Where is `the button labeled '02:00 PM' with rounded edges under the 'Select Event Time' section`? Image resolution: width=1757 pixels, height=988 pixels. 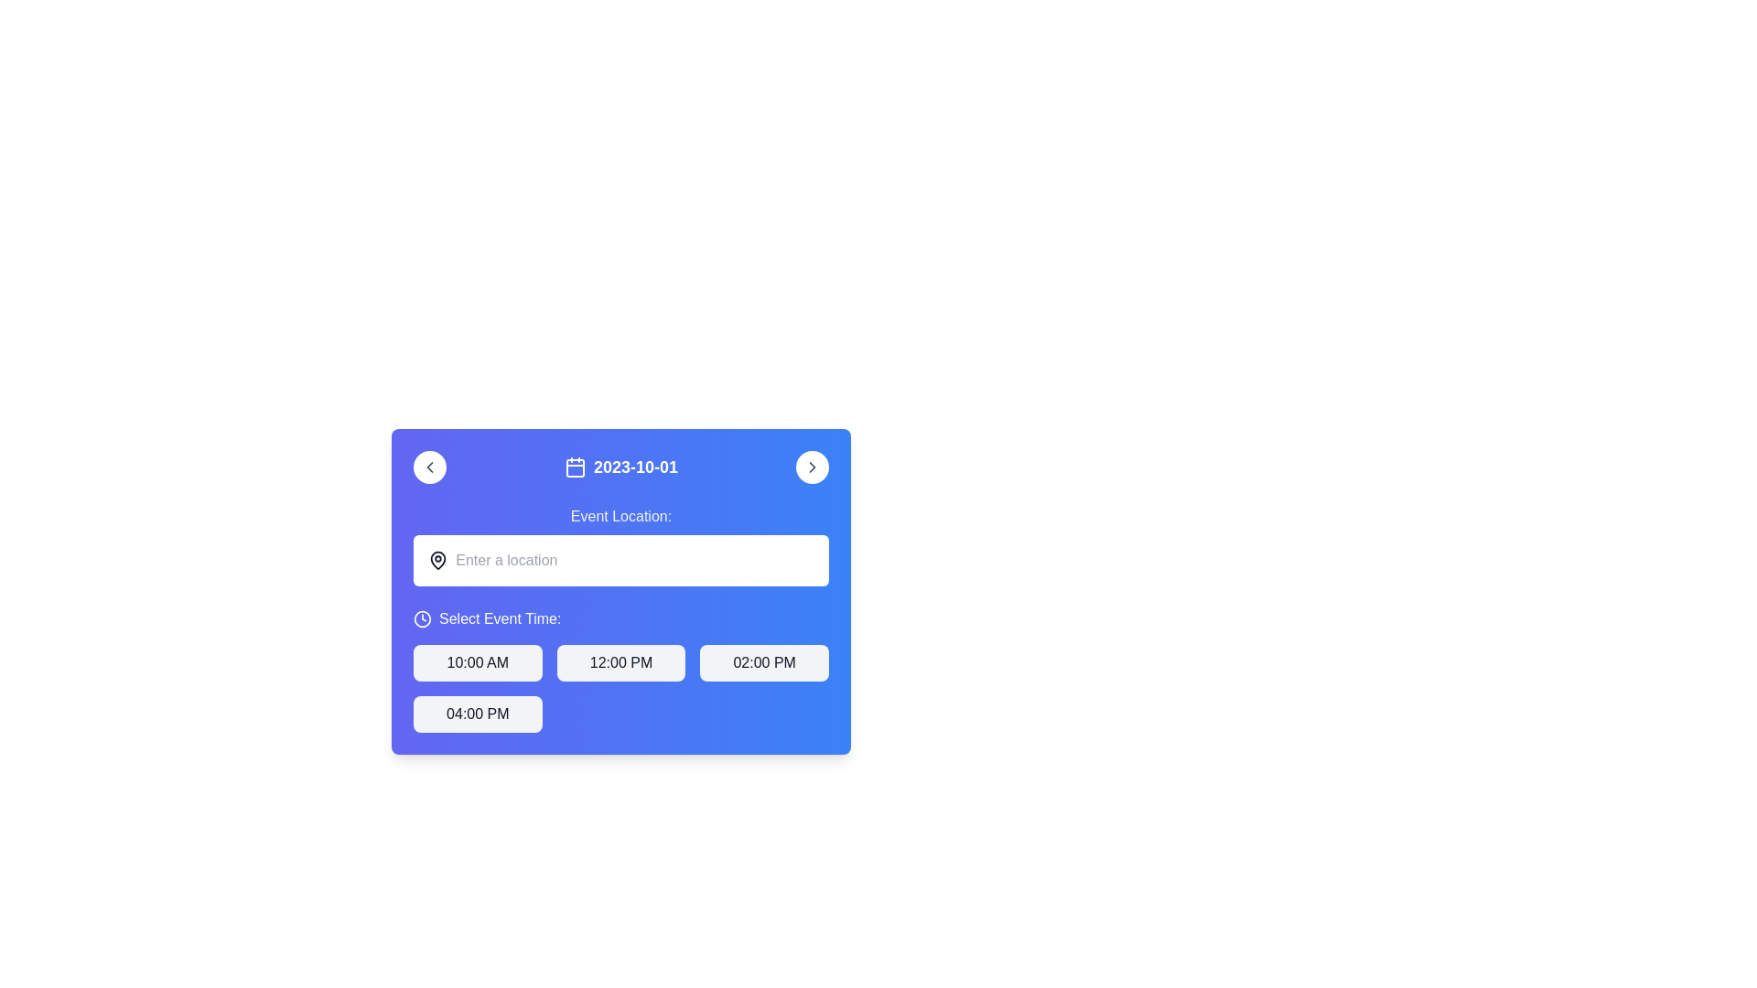 the button labeled '02:00 PM' with rounded edges under the 'Select Event Time' section is located at coordinates (764, 663).